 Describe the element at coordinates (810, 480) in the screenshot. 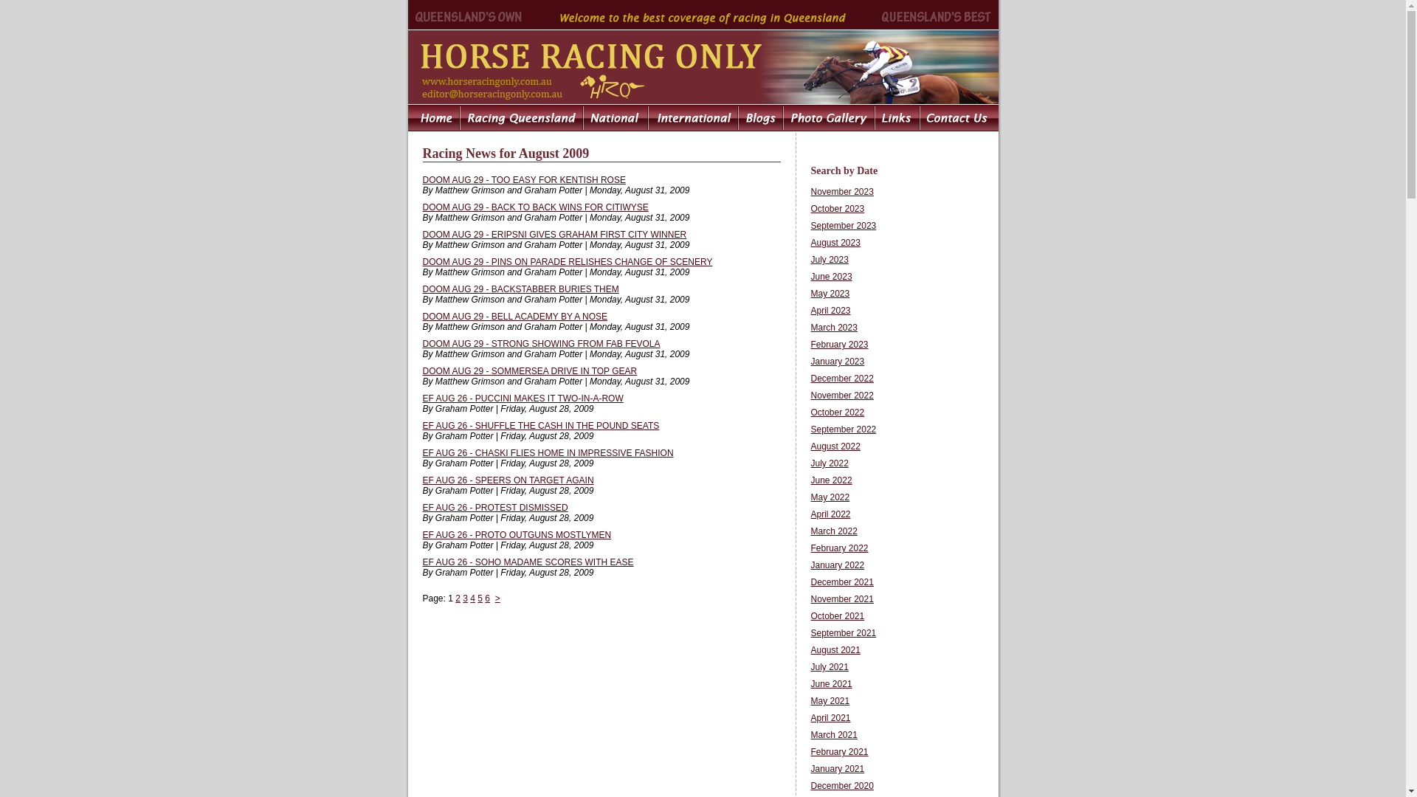

I see `'June 2022'` at that location.